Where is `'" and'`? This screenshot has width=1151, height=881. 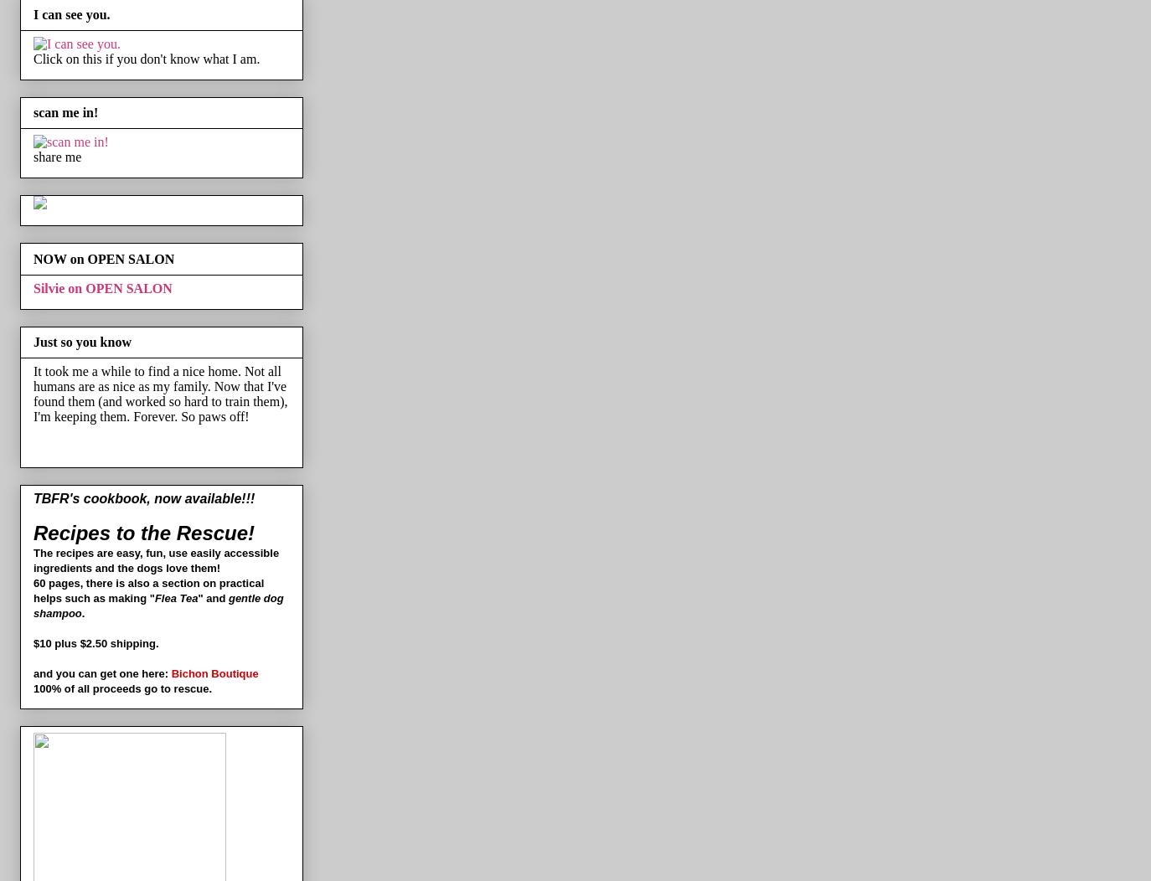
'" and' is located at coordinates (197, 598).